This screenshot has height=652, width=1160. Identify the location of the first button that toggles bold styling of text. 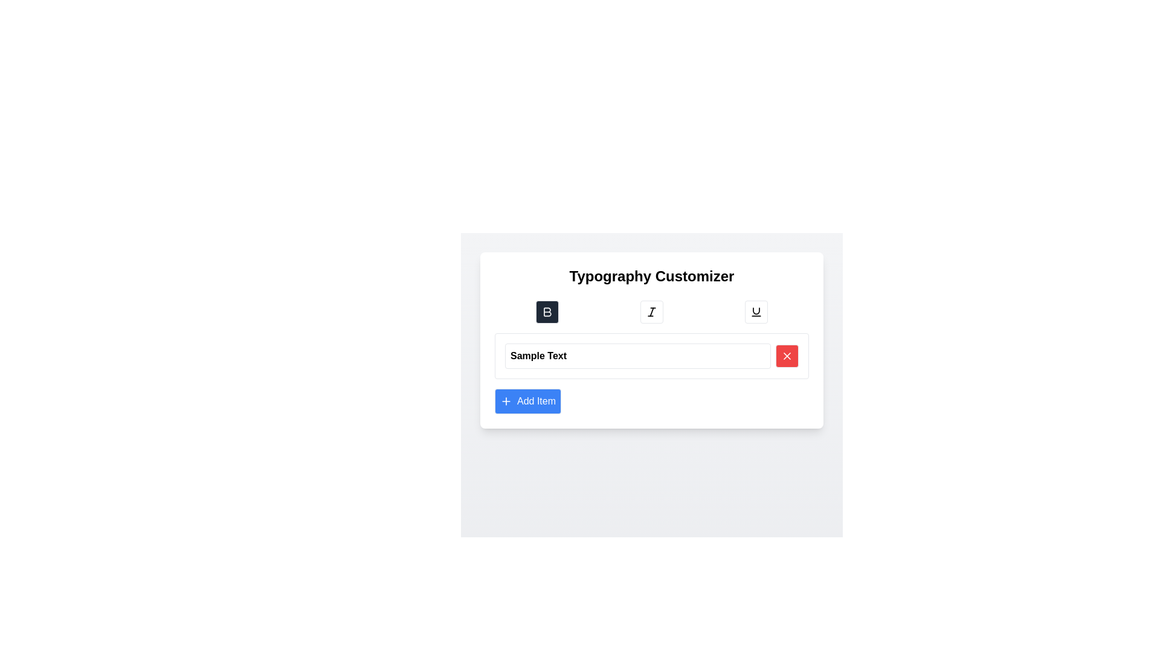
(546, 311).